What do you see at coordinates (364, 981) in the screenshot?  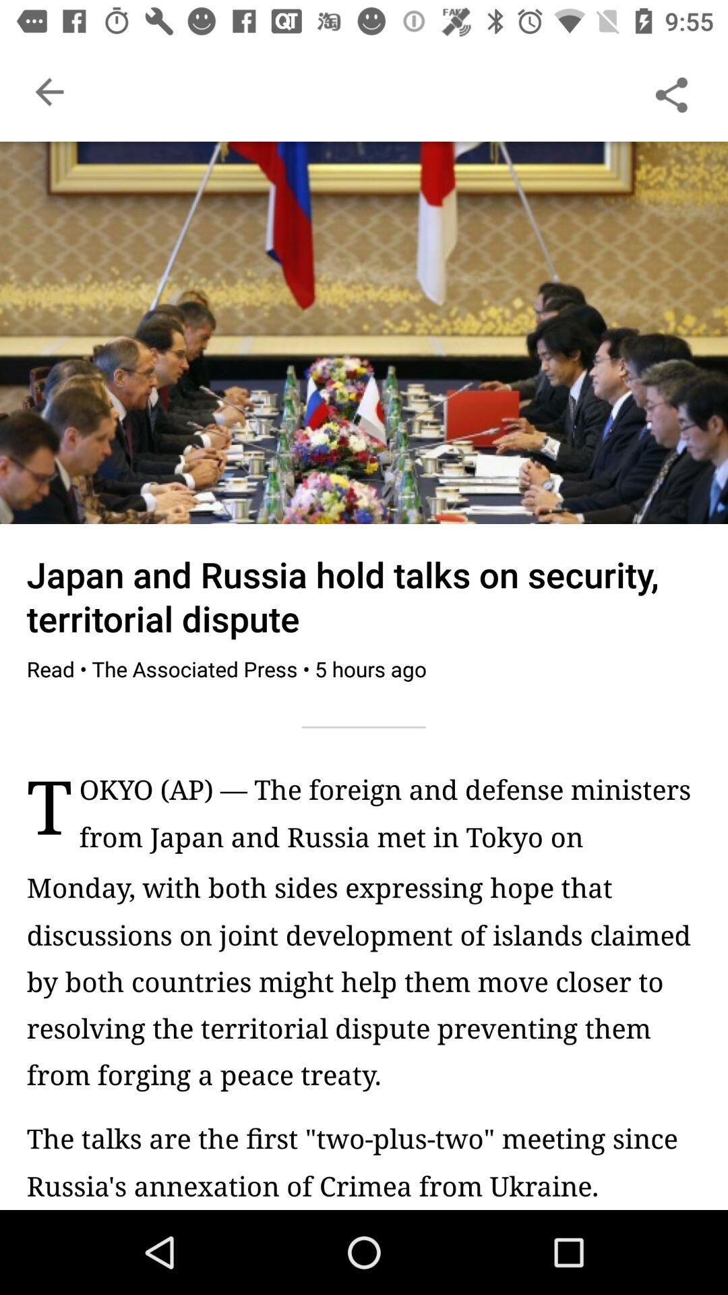 I see `the monday with both item` at bounding box center [364, 981].